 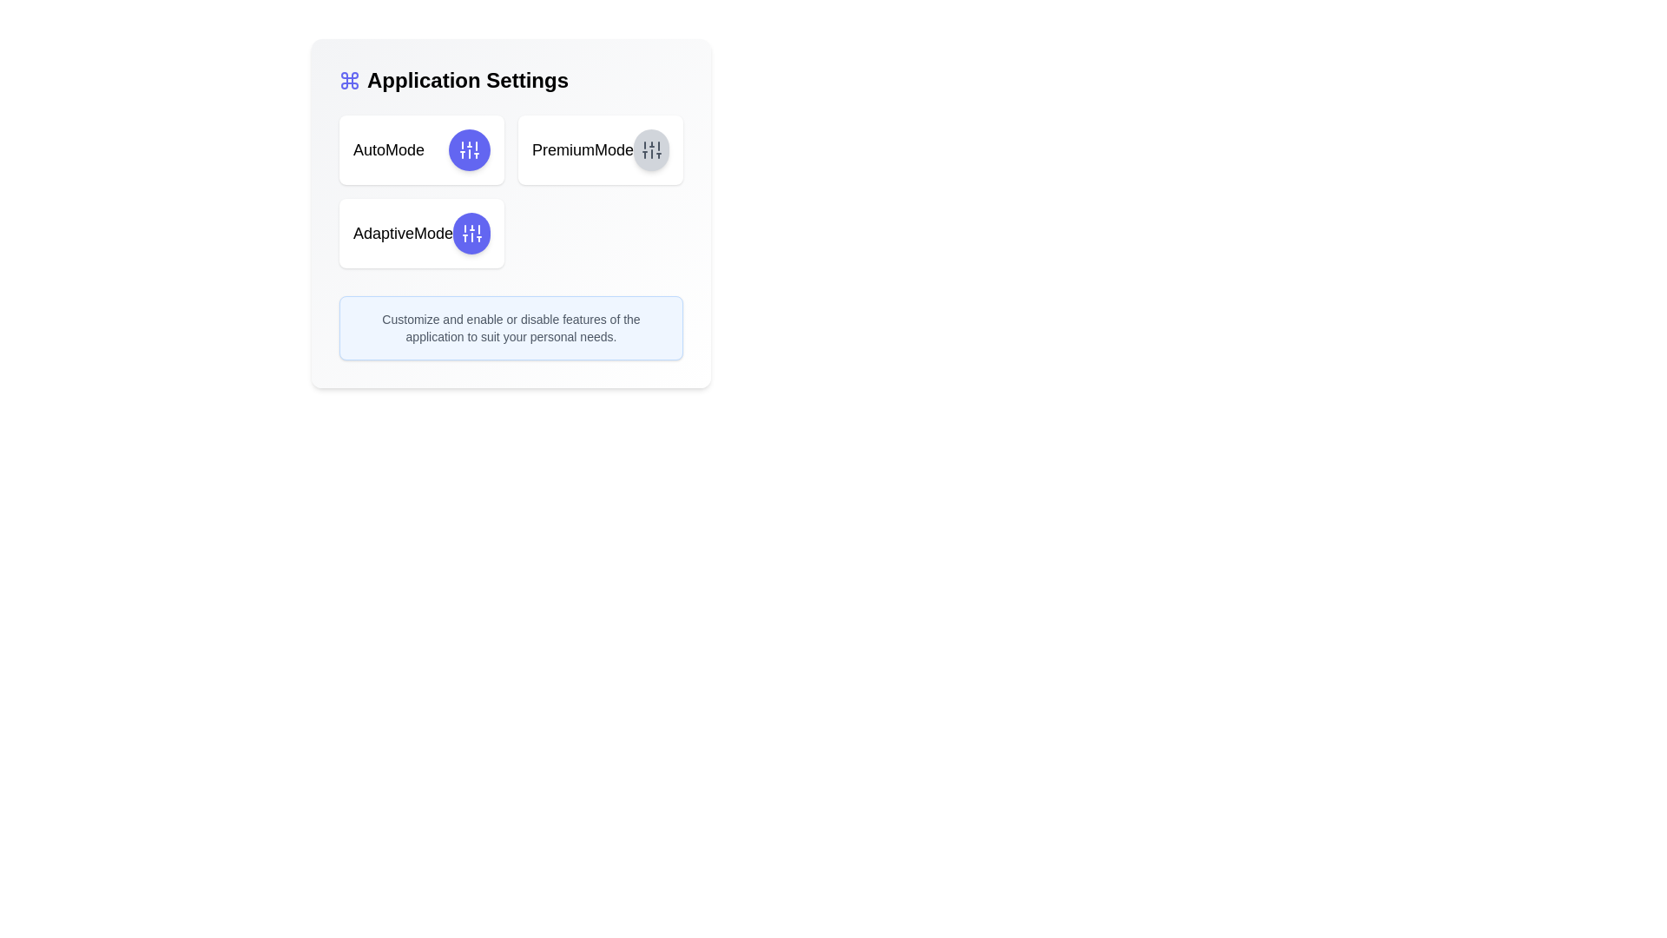 What do you see at coordinates (402, 233) in the screenshot?
I see `the static text label displaying 'adaptiveMode' located within the 'Application Settings' section, beneath 'AutoMode' and 'PremiumMode'` at bounding box center [402, 233].